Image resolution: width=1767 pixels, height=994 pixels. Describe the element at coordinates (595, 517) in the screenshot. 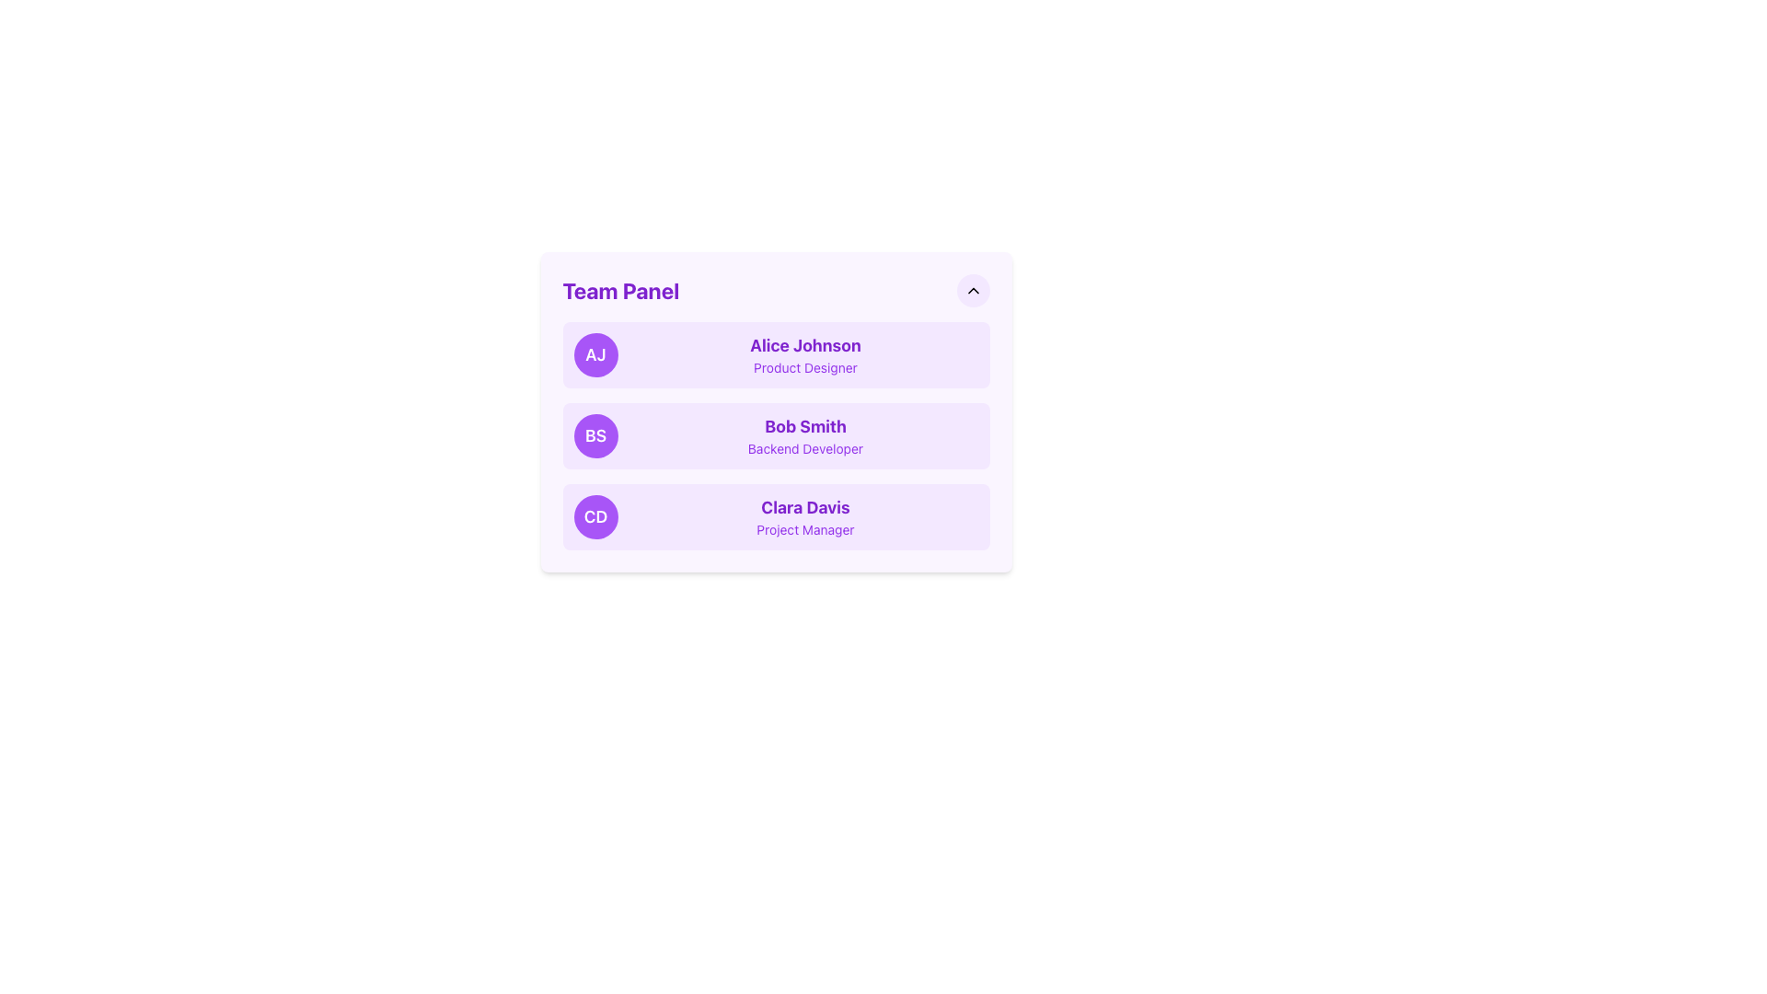

I see `the Avatar located in the bottom item of the 'Team Panel' list that identifies the entry for 'Clara Davis, Project Manager.'` at that location.